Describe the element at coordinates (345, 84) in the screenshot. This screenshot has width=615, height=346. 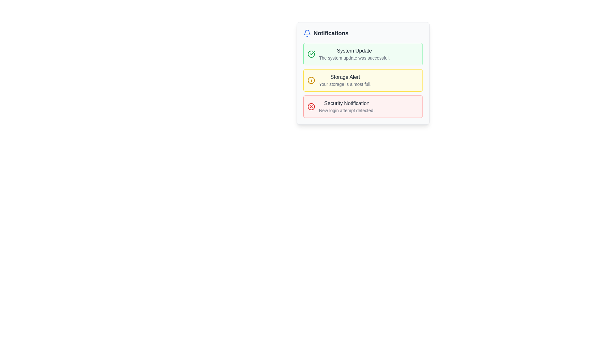
I see `text label that displays 'Your storage is almost full.' located below the 'Storage Alert' title in the yellow notification box` at that location.